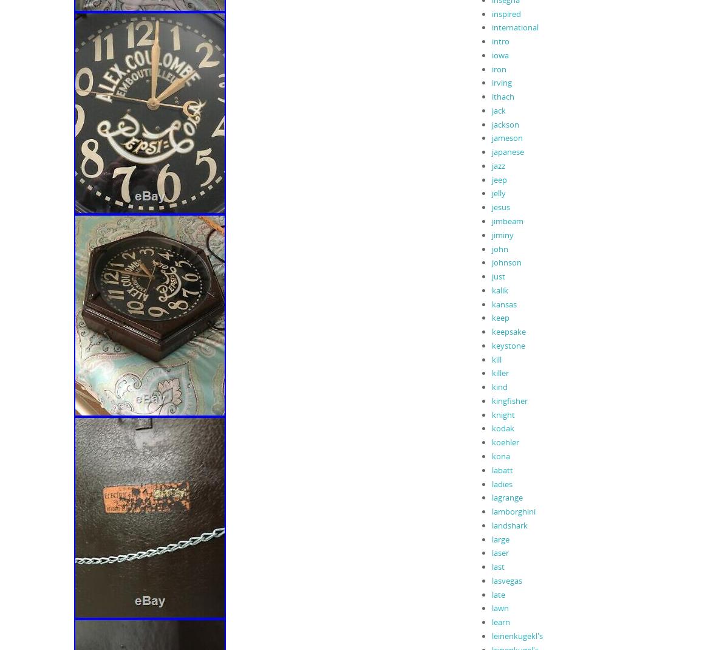  Describe the element at coordinates (503, 304) in the screenshot. I see `'kansas'` at that location.